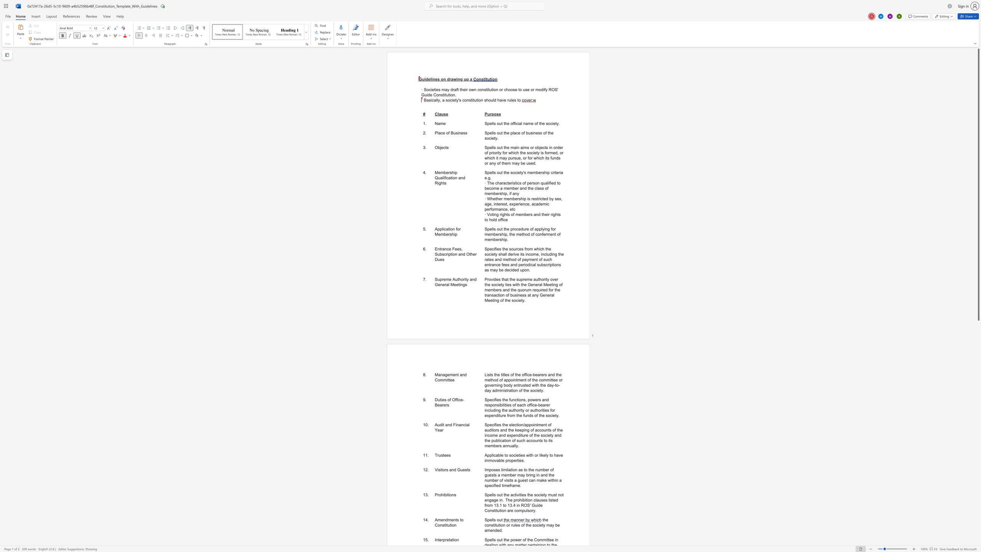  Describe the element at coordinates (529, 480) in the screenshot. I see `the subset text "can mak" within the text "Imposes limitation as to the number of guests a member may bring in and the number of visits a guest can make within a specified"` at that location.